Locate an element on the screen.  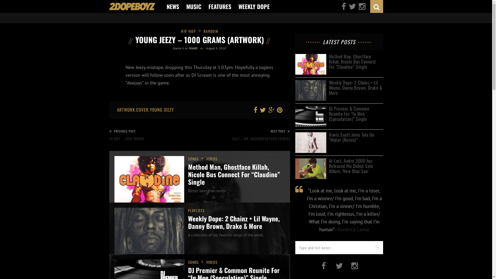
'YOUNG JEEZY' is located at coordinates (161, 109).